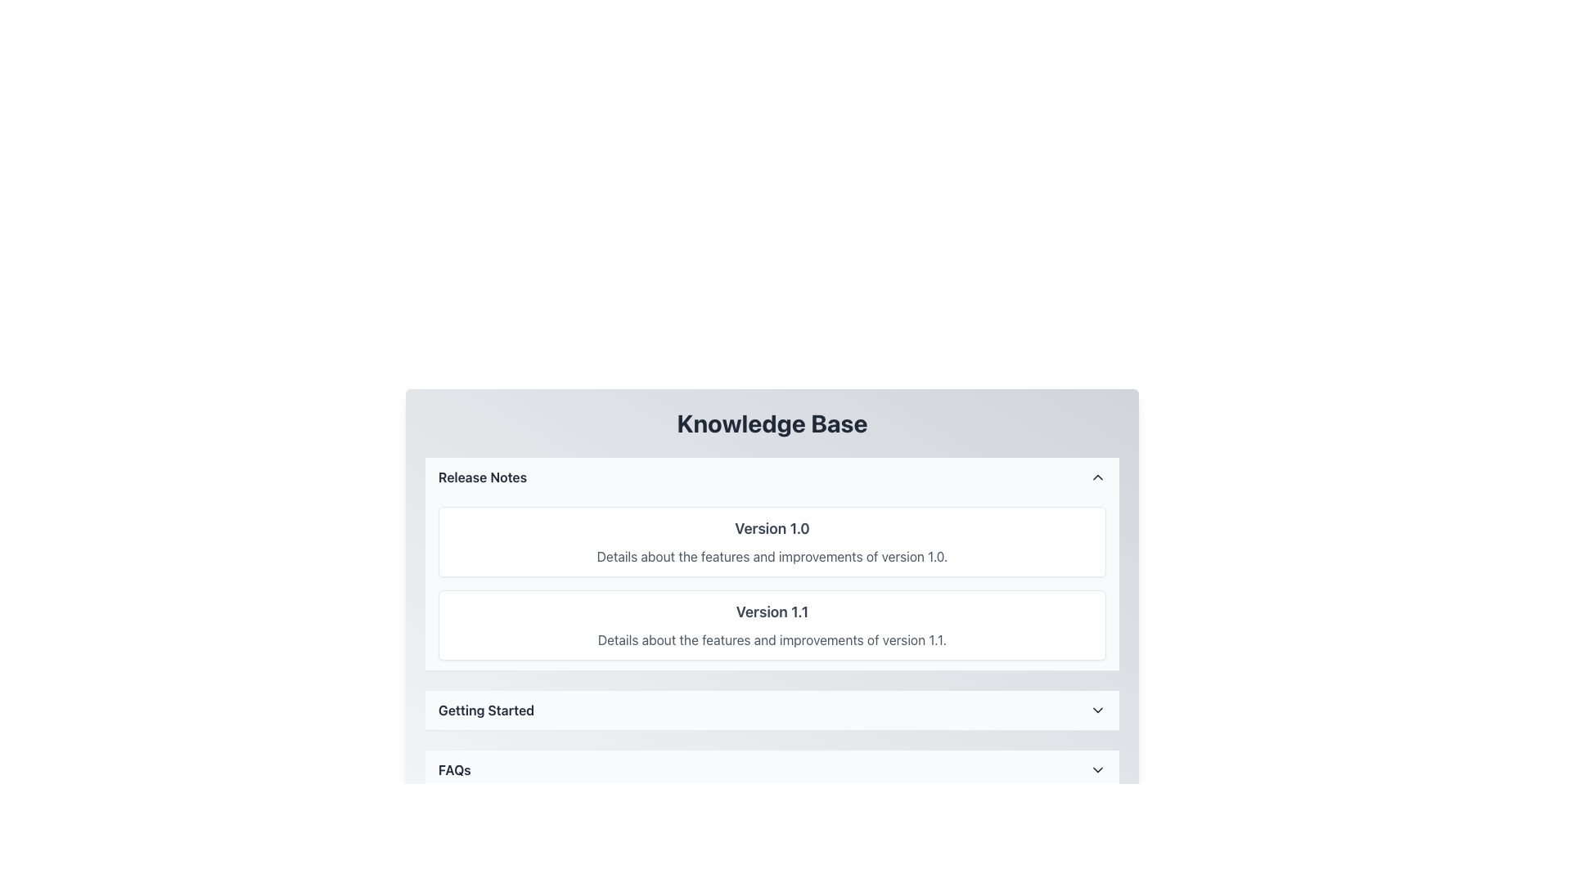 The image size is (1571, 883). I want to click on the chevron-down icon located at the far-right end of the 'FAQs' section header, so click(1098, 769).